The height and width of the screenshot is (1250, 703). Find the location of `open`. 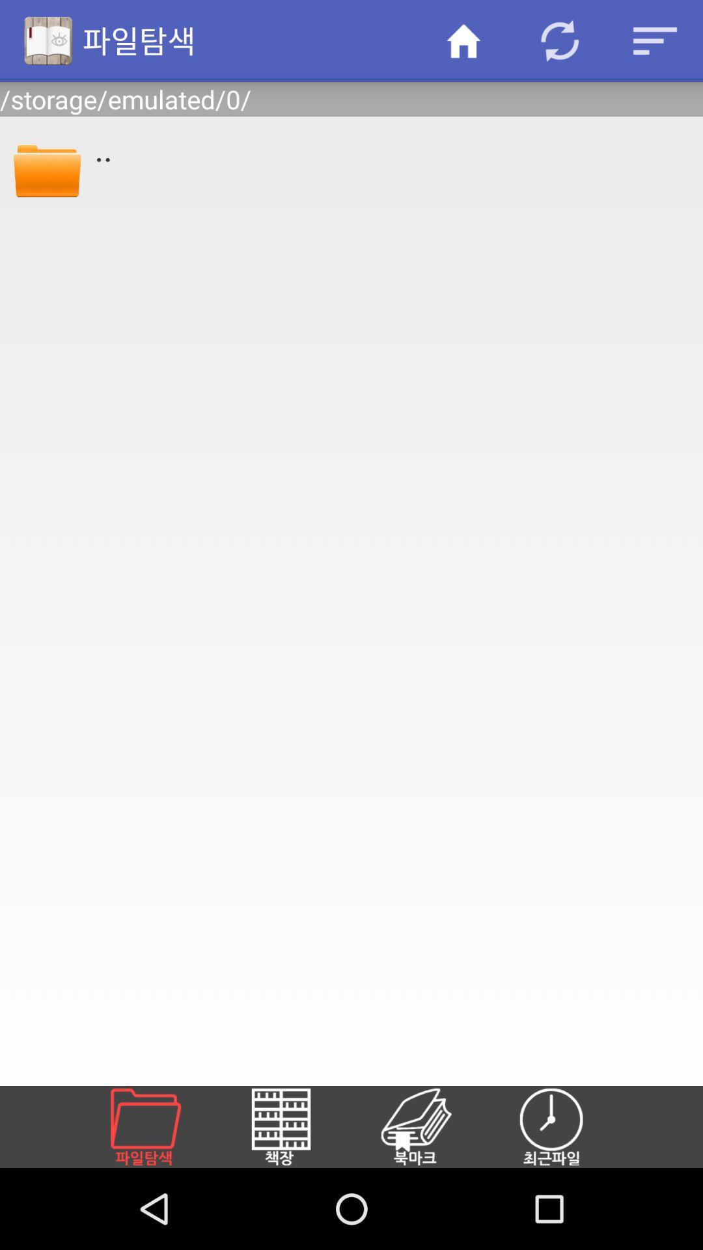

open is located at coordinates (160, 1126).